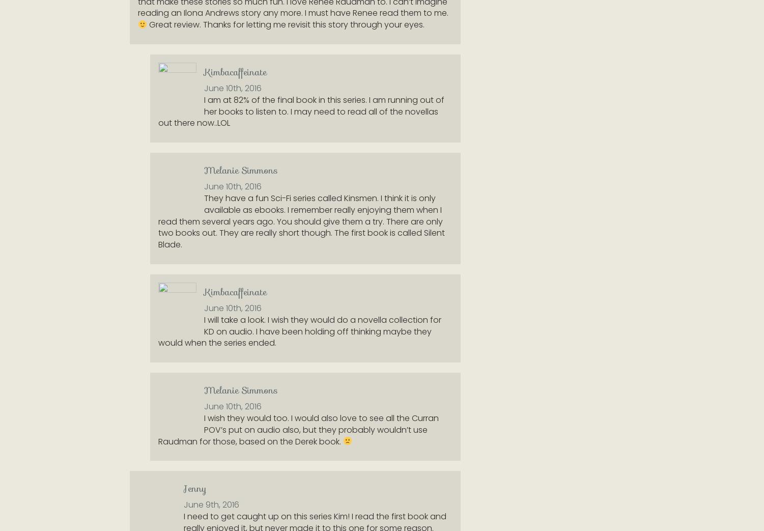 The height and width of the screenshot is (531, 764). Describe the element at coordinates (147, 24) in the screenshot. I see `'Great review. Thanks for letting me revisit this story through your eyes.'` at that location.